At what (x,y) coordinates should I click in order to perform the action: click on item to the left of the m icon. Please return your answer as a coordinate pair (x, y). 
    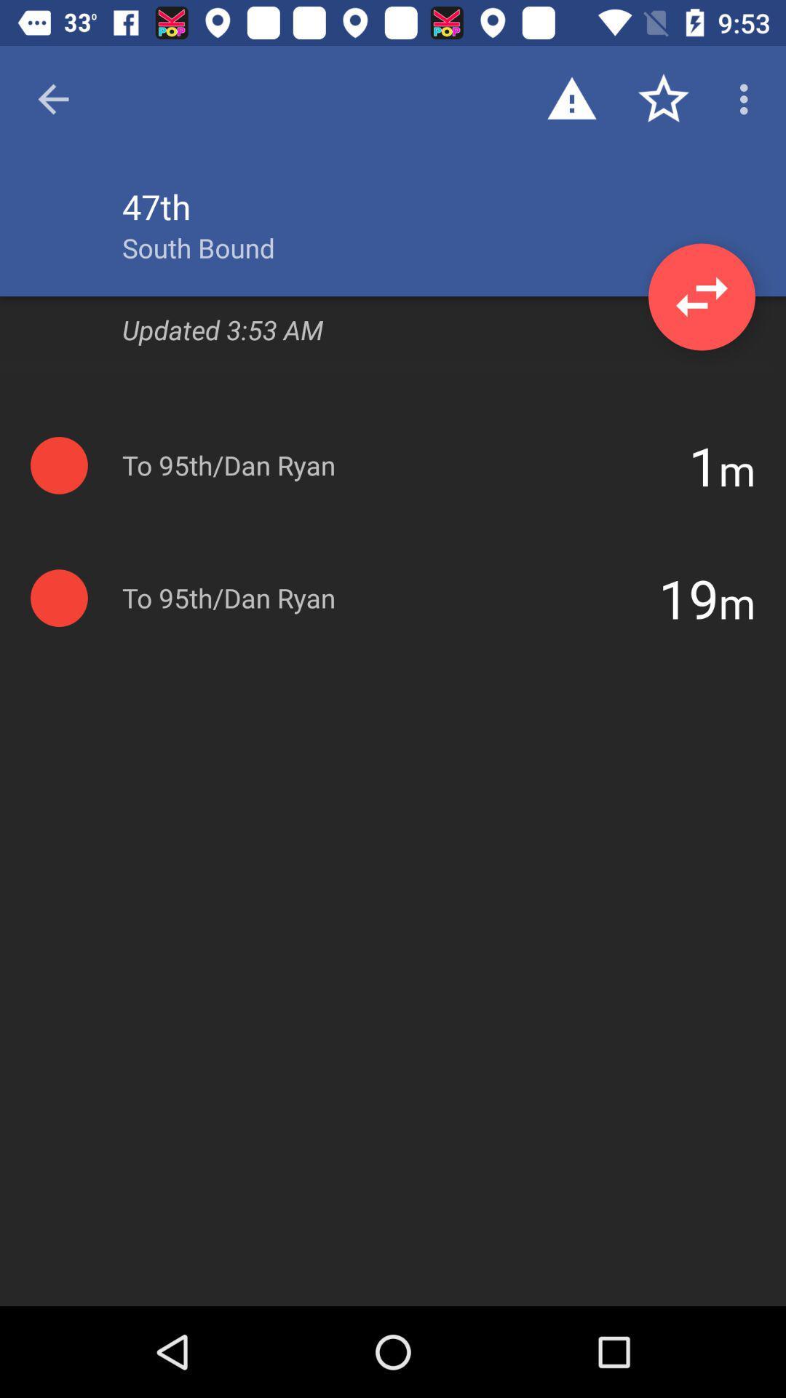
    Looking at the image, I should click on (703, 465).